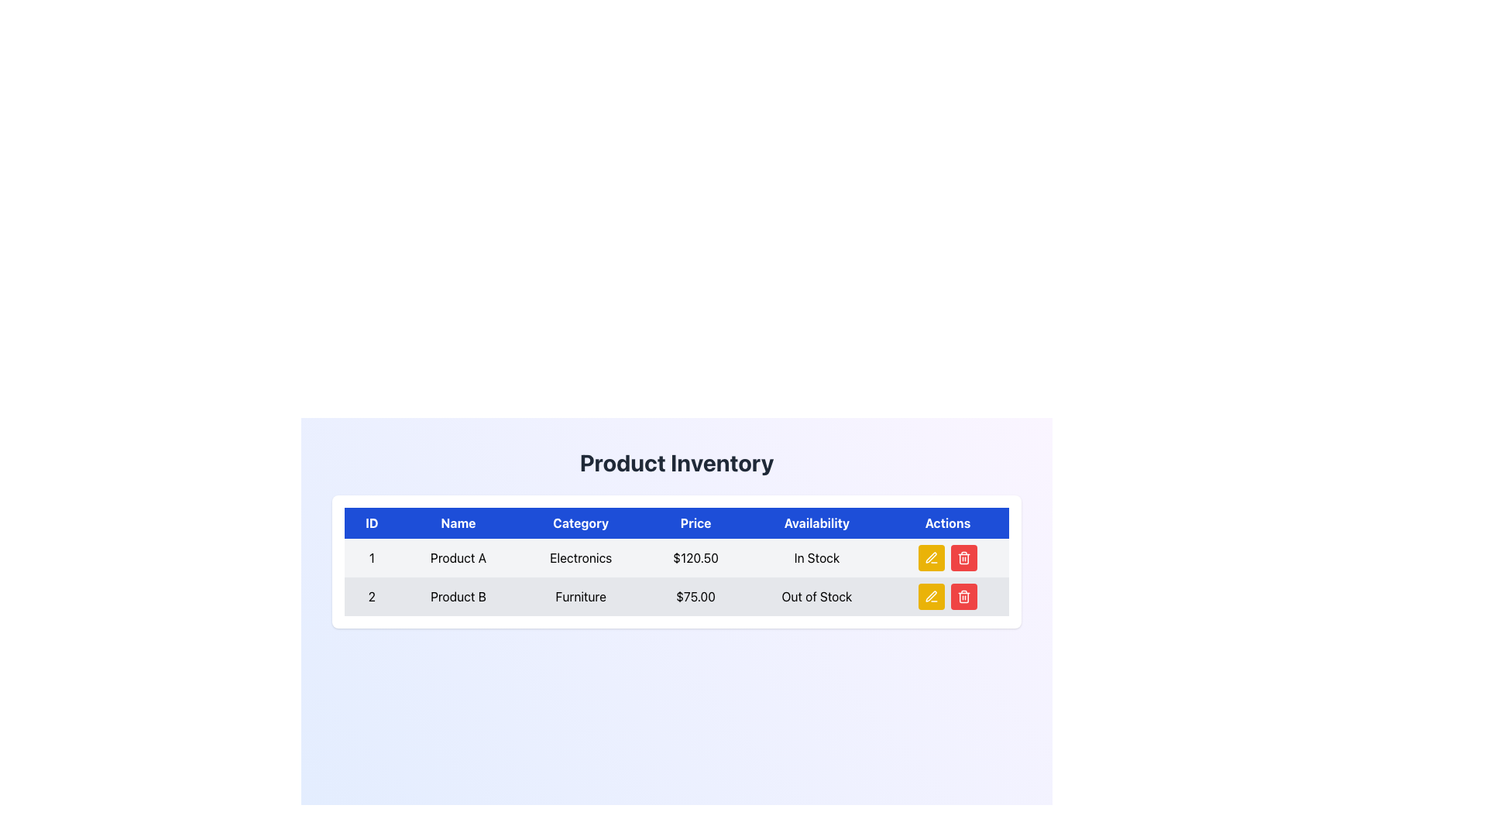  I want to click on numeral '1' displayed in a black font on a light gray background located in the ID column of a table, so click(372, 558).